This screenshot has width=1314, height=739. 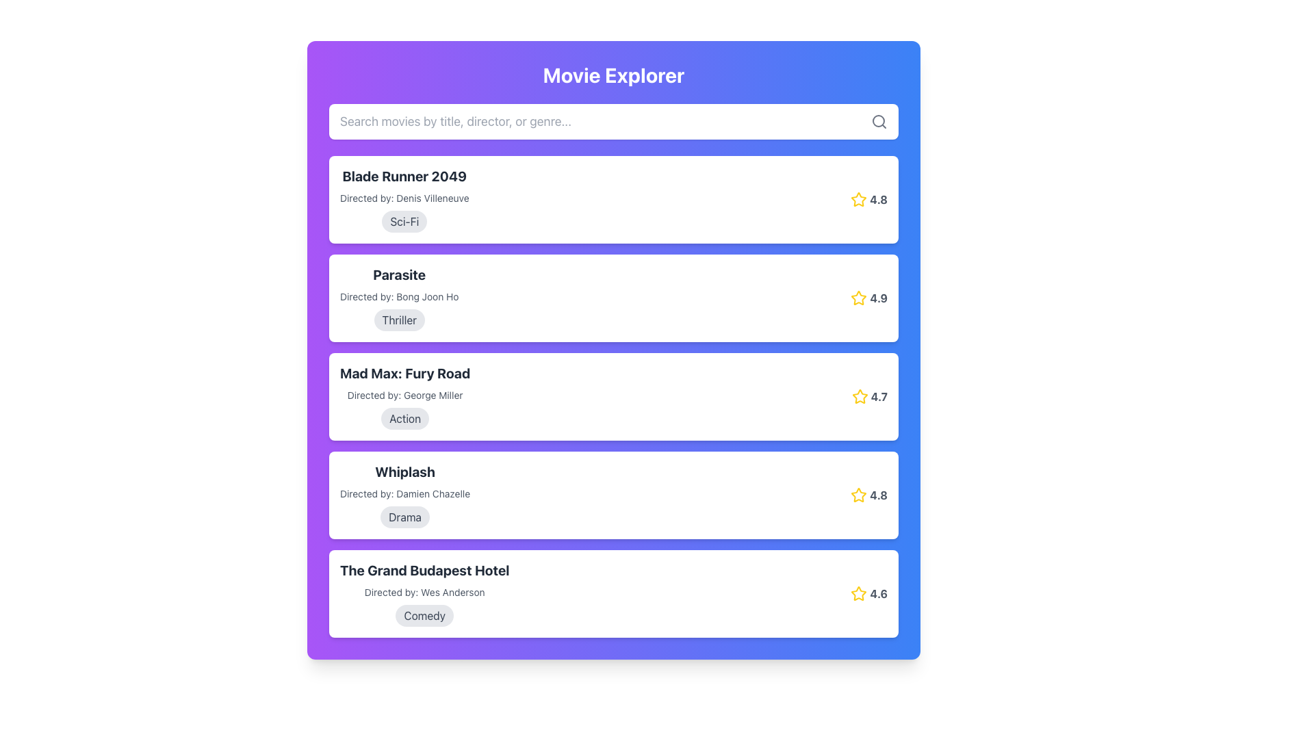 What do you see at coordinates (878, 120) in the screenshot?
I see `the circular component of the search icon located at the far right of the input field labeled 'Search movies by title, director, or genre.'` at bounding box center [878, 120].